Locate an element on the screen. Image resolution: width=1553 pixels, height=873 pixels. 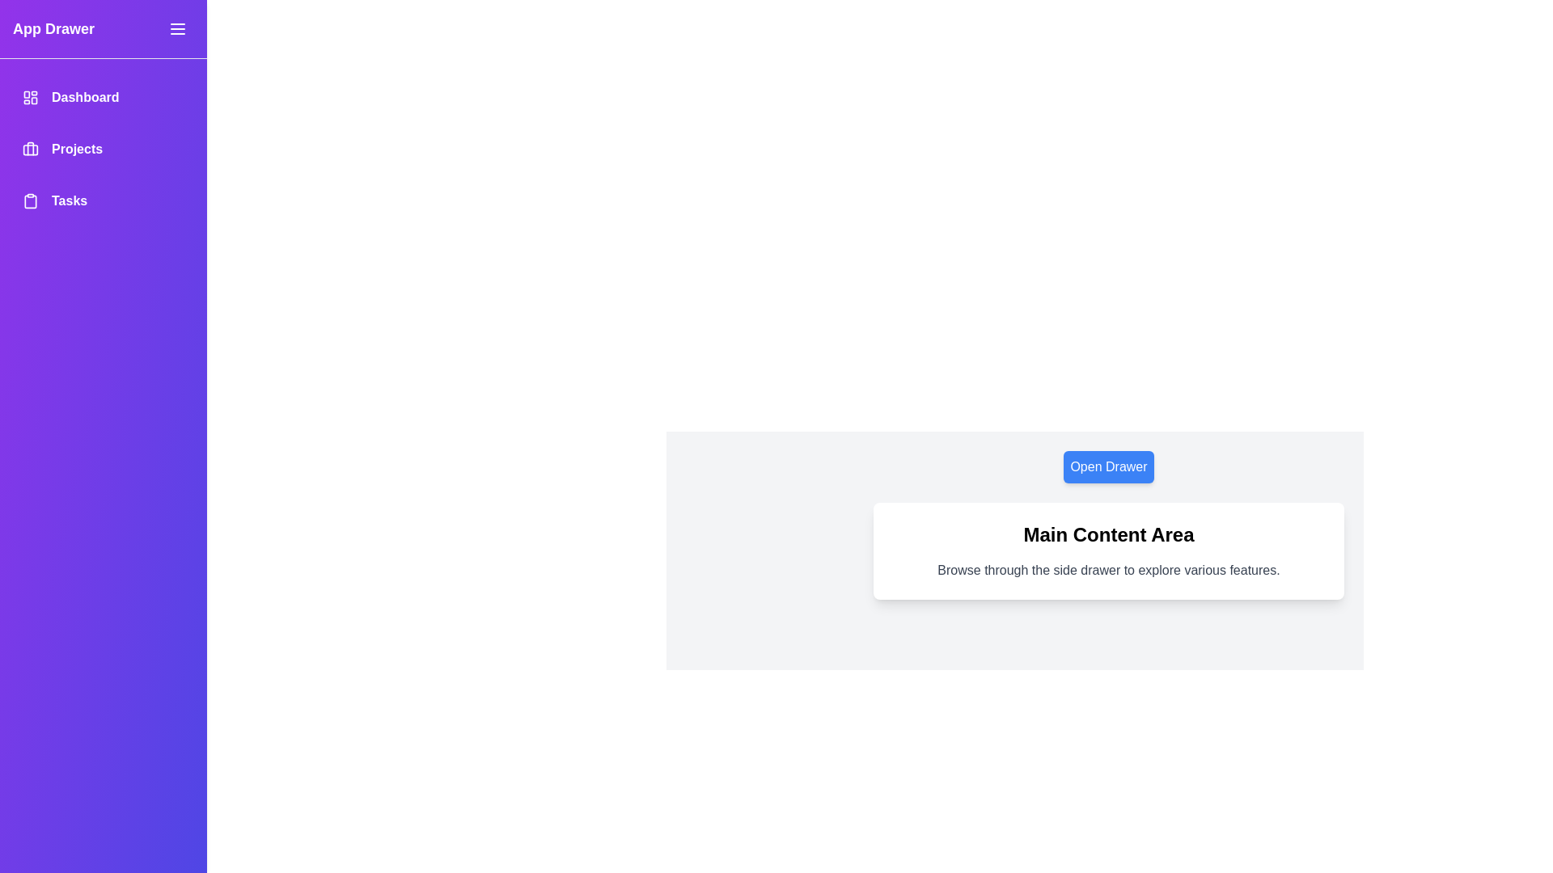
the menu item Tasks in the sidebar is located at coordinates (103, 200).